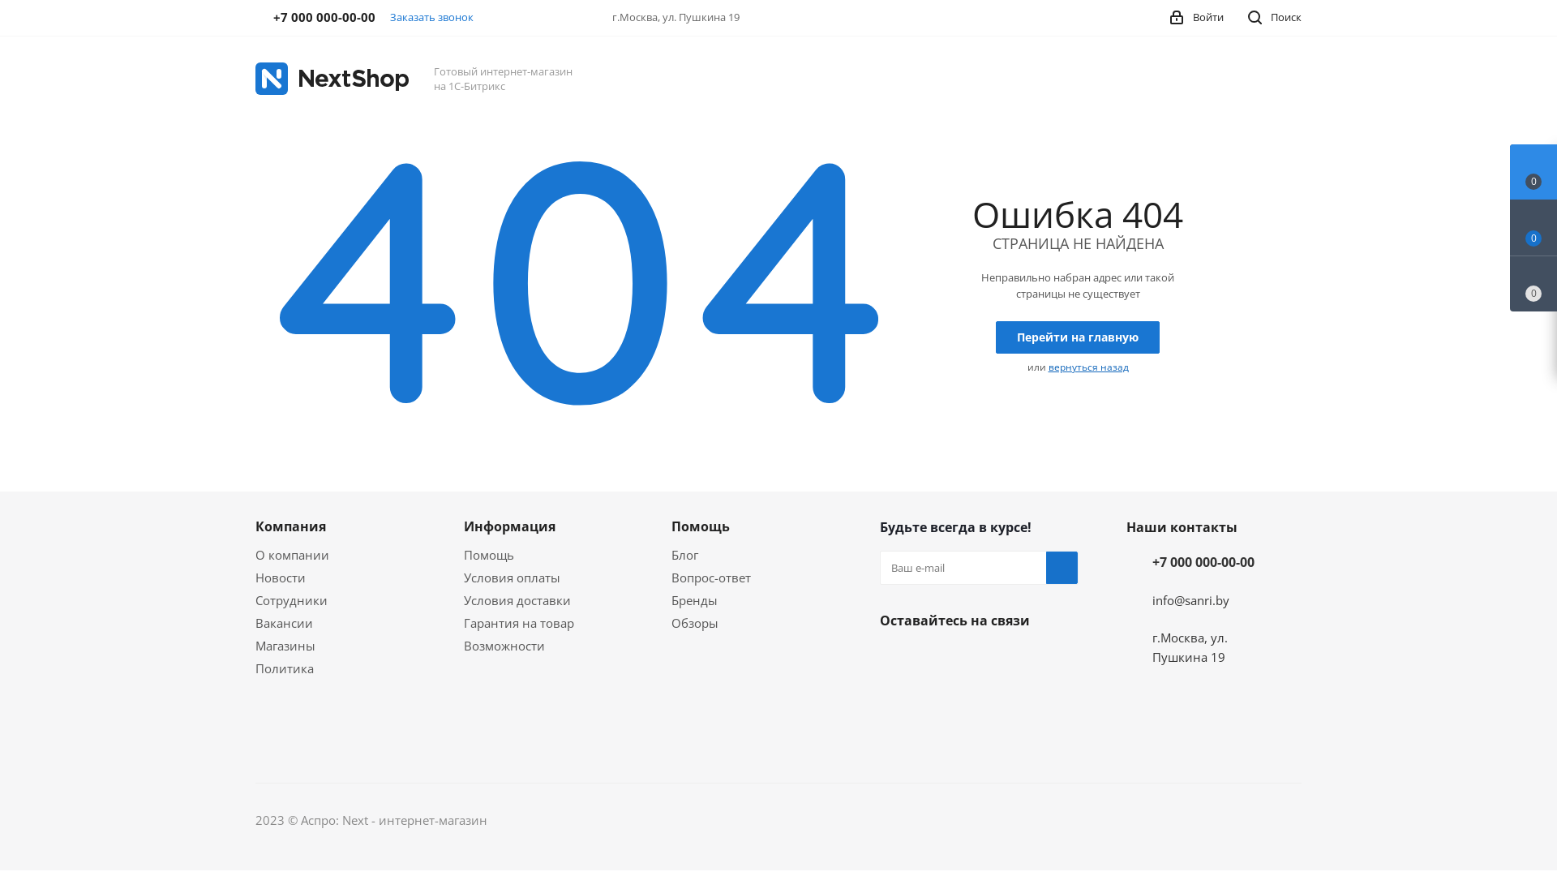 The height and width of the screenshot is (876, 1557). Describe the element at coordinates (1016, 698) in the screenshot. I see `'Google Plus'` at that location.